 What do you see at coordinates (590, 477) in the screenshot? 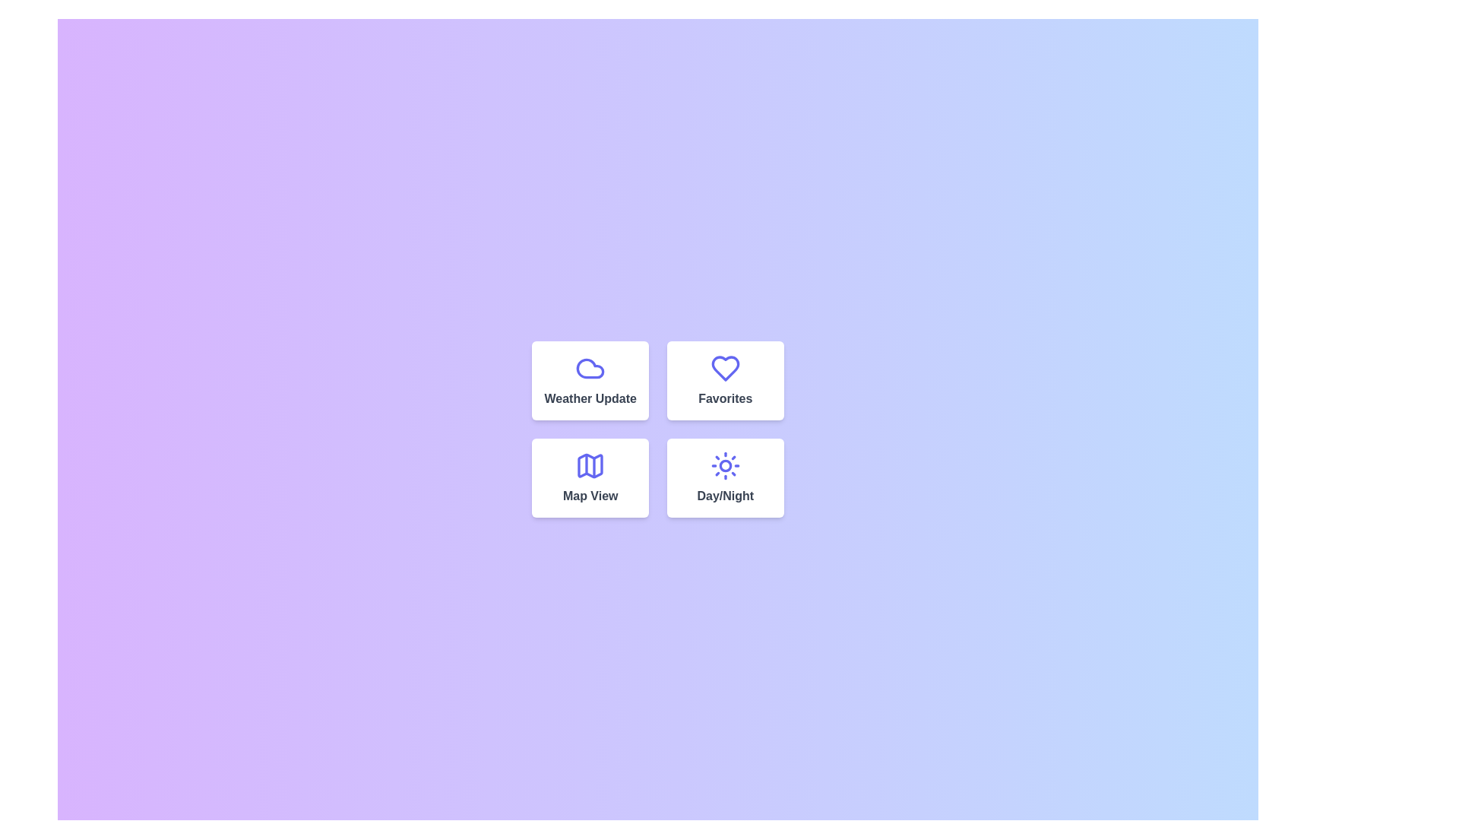
I see `the third card in the grid layout, which activates the 'Map View' feature` at bounding box center [590, 477].